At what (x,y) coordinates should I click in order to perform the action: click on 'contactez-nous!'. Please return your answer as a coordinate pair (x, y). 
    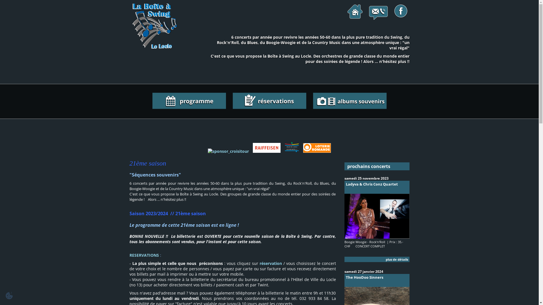
    Looking at the image, I should click on (378, 12).